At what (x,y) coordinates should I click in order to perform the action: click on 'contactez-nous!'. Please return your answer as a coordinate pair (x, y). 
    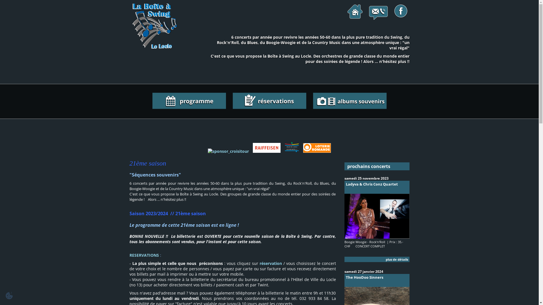
    Looking at the image, I should click on (378, 12).